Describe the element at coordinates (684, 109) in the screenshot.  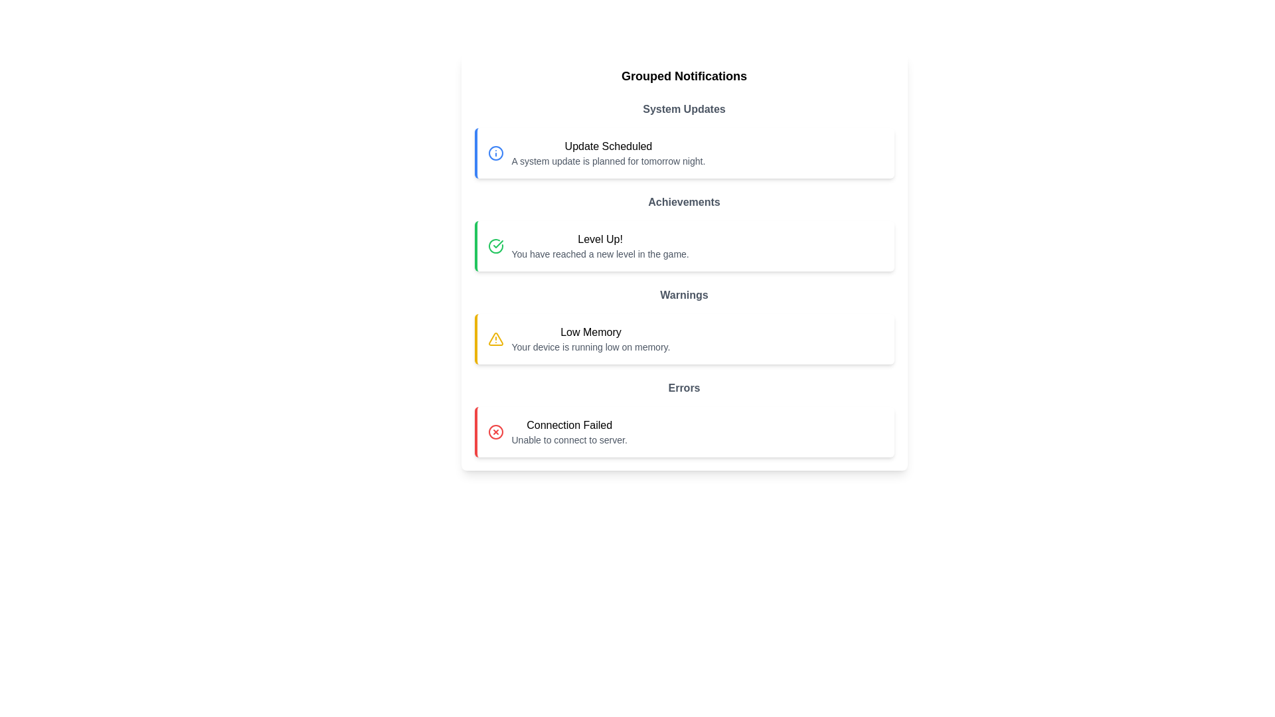
I see `the 'System Updates' text label, which serves as the header for the notifications section` at that location.